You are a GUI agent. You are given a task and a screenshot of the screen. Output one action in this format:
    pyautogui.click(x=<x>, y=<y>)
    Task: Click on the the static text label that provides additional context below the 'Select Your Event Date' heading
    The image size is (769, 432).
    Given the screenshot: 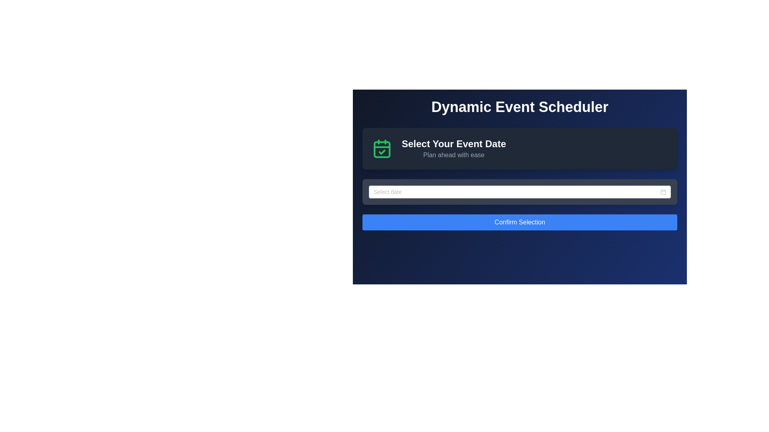 What is the action you would take?
    pyautogui.click(x=454, y=155)
    